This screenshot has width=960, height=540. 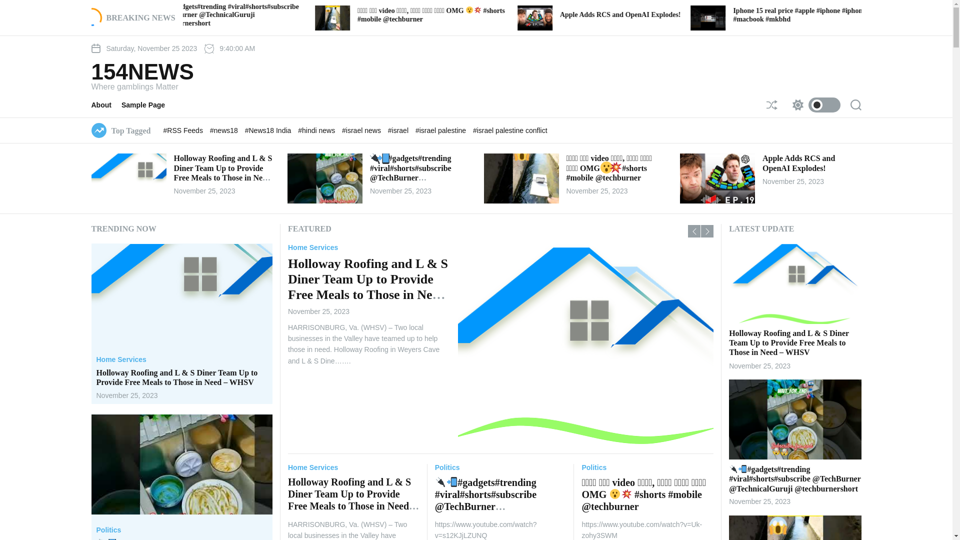 What do you see at coordinates (770, 104) in the screenshot?
I see `'Shuffle'` at bounding box center [770, 104].